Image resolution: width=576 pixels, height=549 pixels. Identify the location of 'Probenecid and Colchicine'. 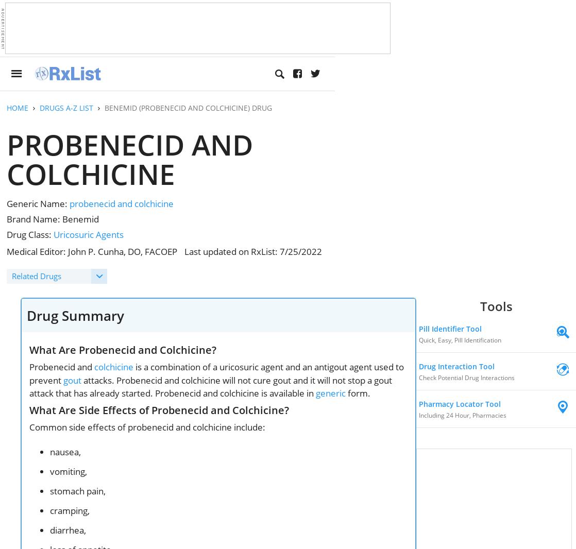
(6, 159).